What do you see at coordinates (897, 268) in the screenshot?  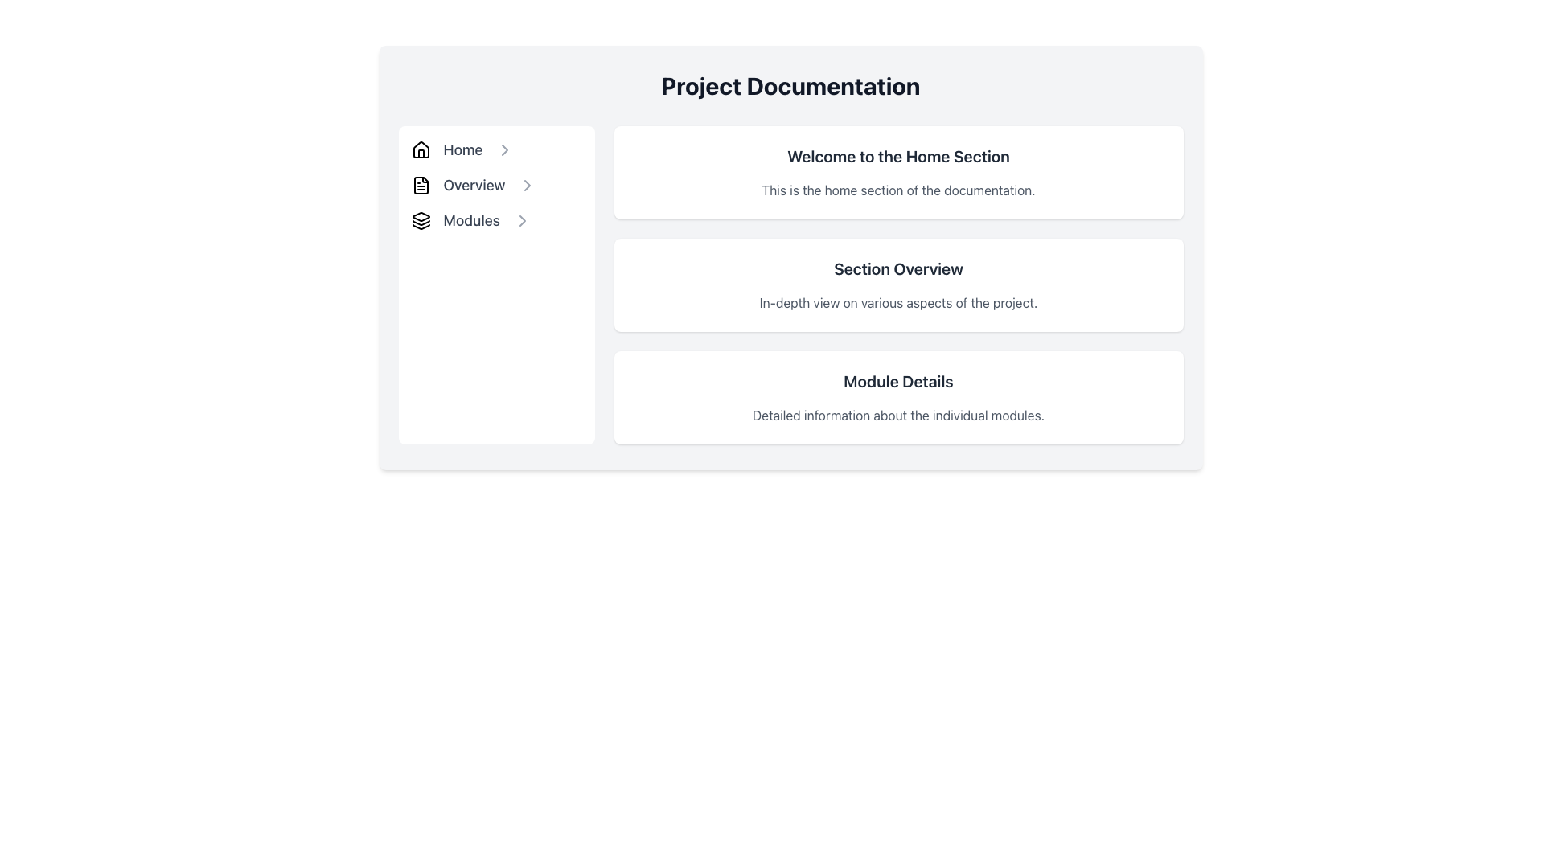 I see `section title label located centrally within the 'Overview' card, positioned above the subordinate description text` at bounding box center [897, 268].